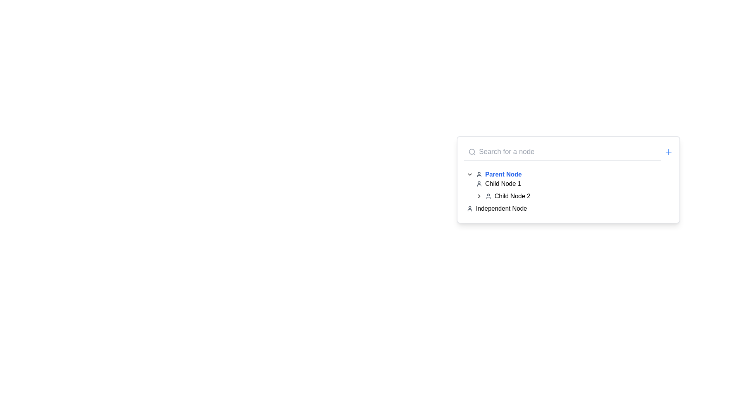 This screenshot has width=745, height=419. Describe the element at coordinates (668, 152) in the screenshot. I see `the small circular button with a blue plus icon located on the far-right side of the horizontal bar to trigger the hover effect that changes its color to a darker blue` at that location.